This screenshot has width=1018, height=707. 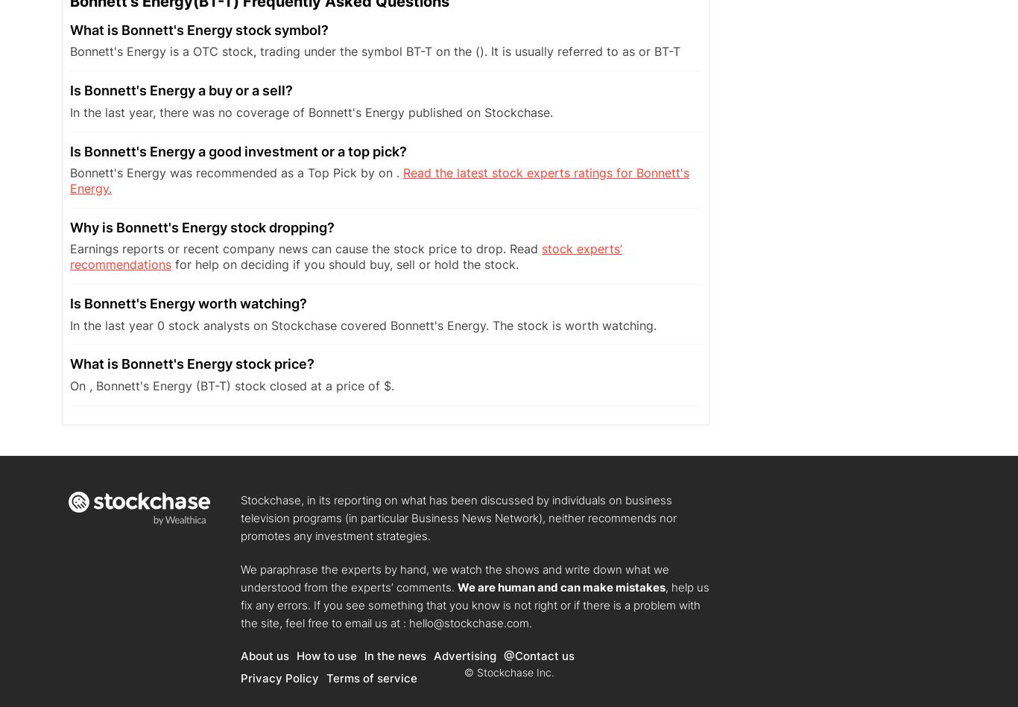 I want to click on 'Is Bonnett's Energy worth watching?', so click(x=188, y=302).